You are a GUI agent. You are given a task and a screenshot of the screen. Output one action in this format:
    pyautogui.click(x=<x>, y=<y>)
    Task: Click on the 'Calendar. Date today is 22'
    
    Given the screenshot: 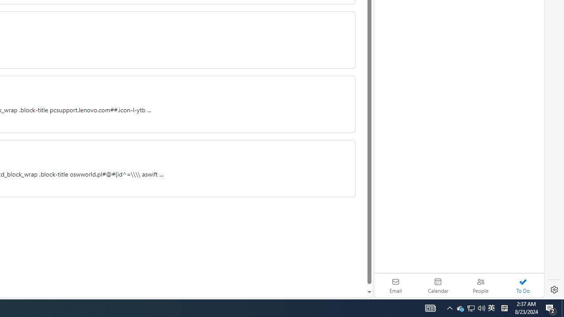 What is the action you would take?
    pyautogui.click(x=438, y=285)
    